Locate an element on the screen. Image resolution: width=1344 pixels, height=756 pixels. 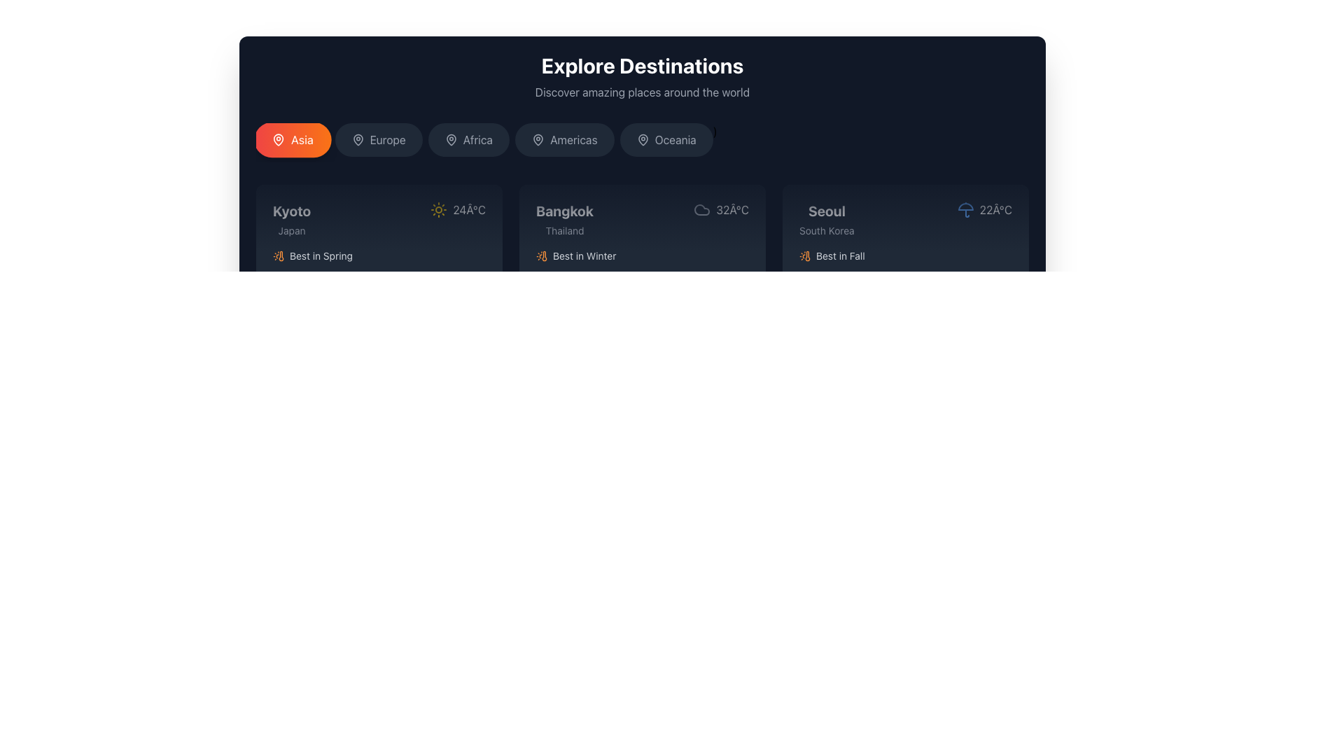
the orange-colored thermometer-sun icon located adjacent to the text 'Best in Winter', positioned below the card for 'Bangkok, Thailand' is located at coordinates (540, 256).